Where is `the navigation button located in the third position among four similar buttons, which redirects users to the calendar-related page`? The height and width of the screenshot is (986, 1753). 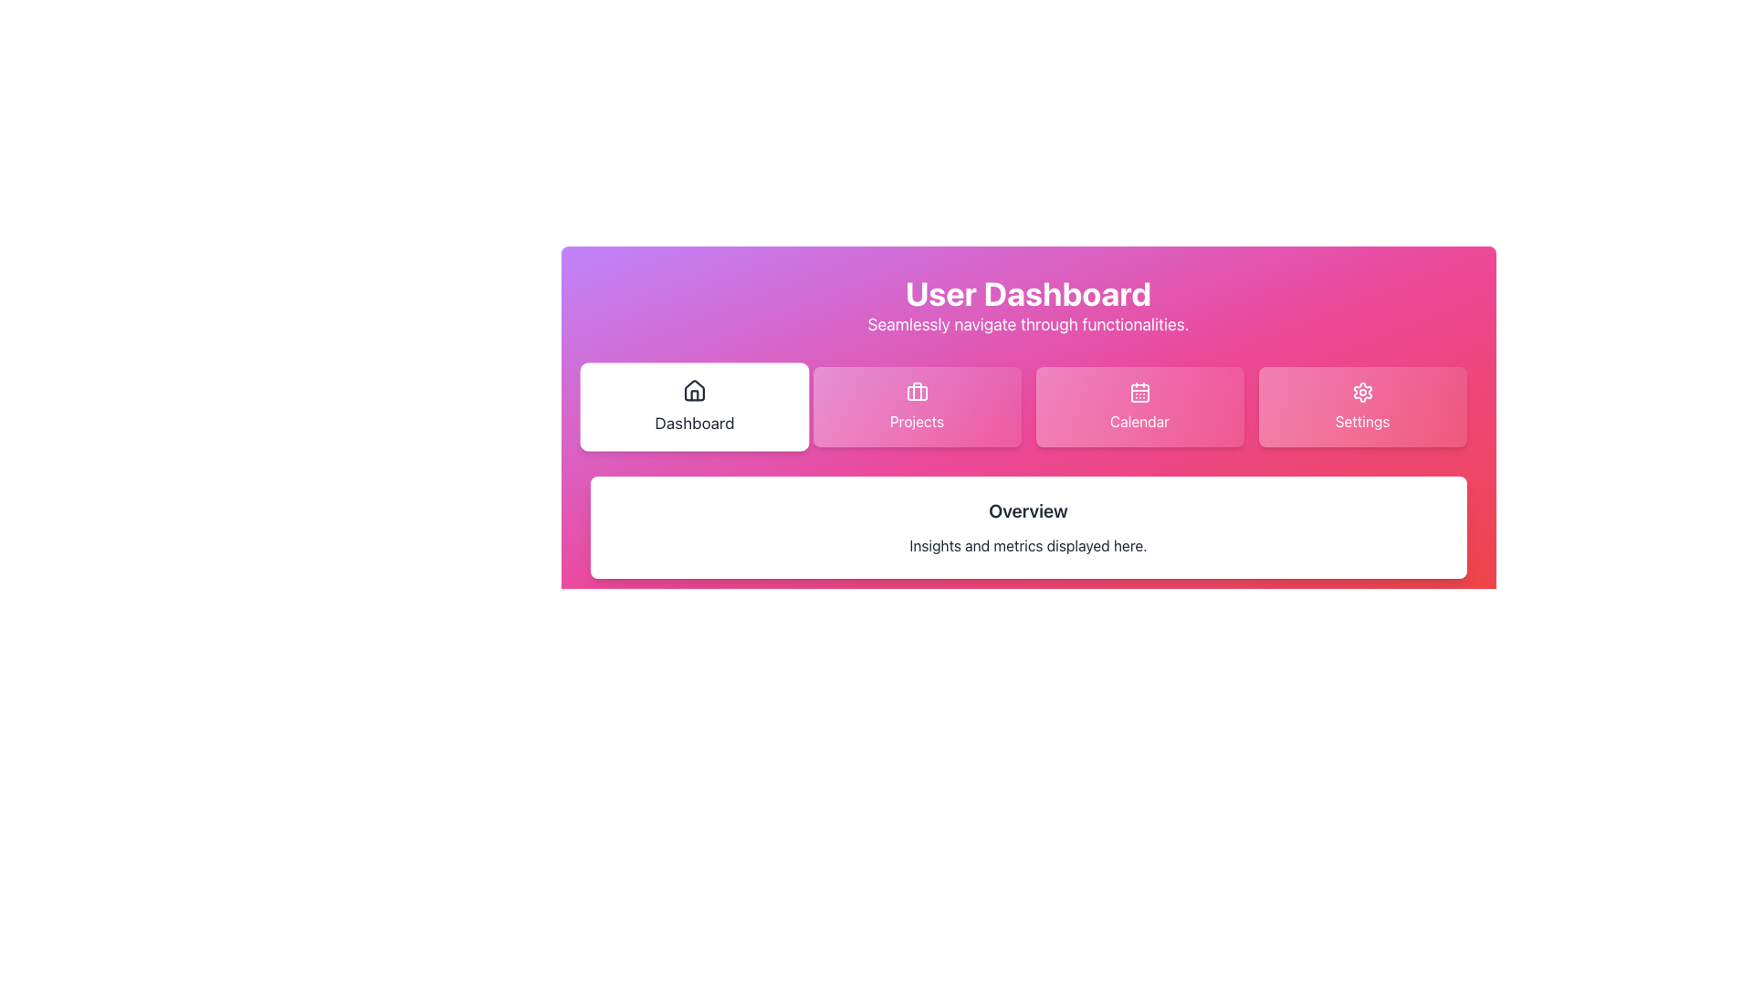 the navigation button located in the third position among four similar buttons, which redirects users to the calendar-related page is located at coordinates (1139, 406).